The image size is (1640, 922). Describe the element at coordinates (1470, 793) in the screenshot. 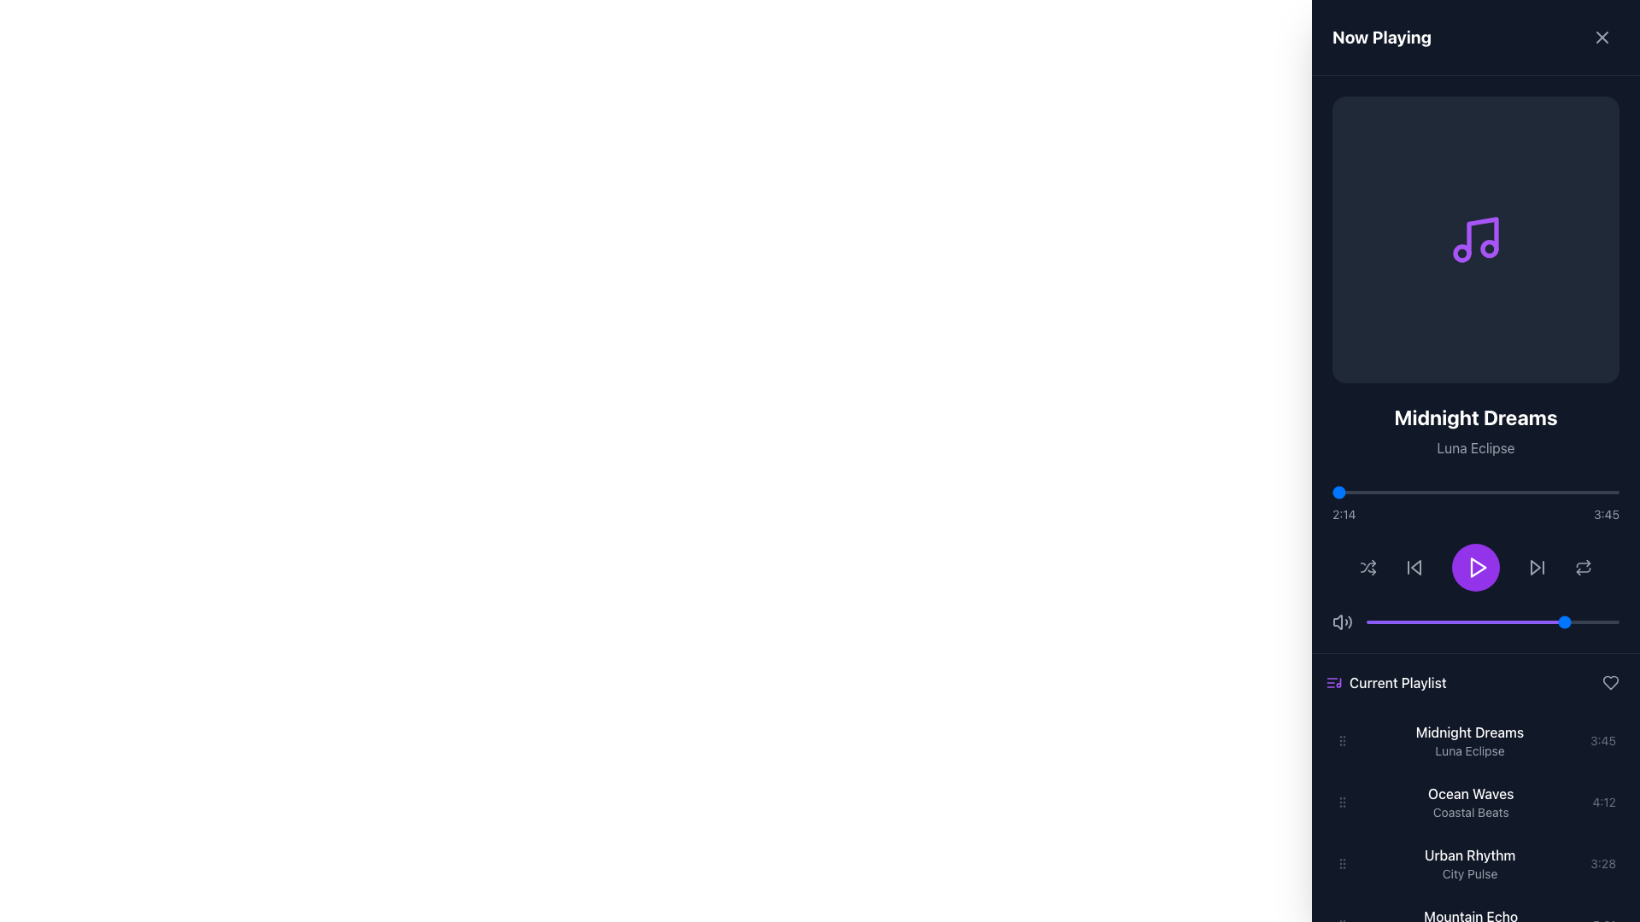

I see `the text label displaying 'Ocean Waves', which is styled with white text on a dark background in the 'Current Playlist' section` at that location.